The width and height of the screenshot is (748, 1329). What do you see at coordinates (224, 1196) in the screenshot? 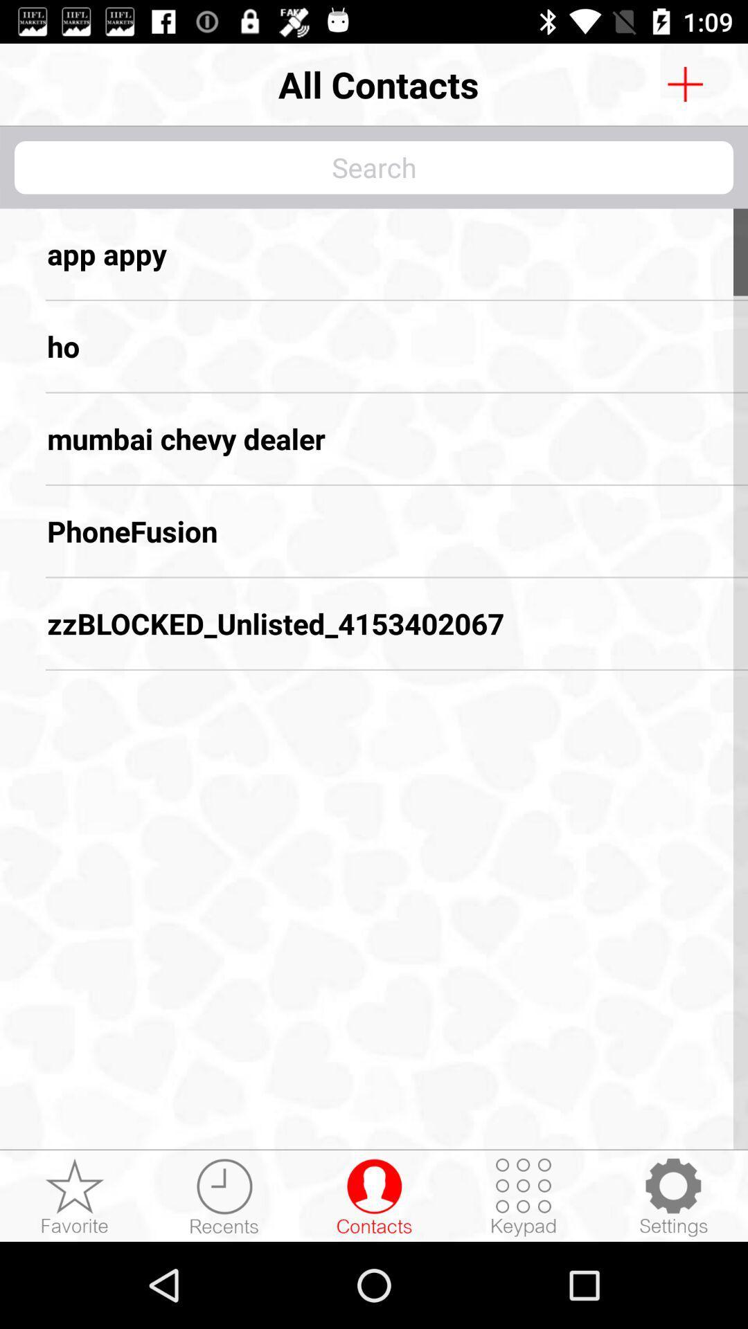
I see `the time icon` at bounding box center [224, 1196].